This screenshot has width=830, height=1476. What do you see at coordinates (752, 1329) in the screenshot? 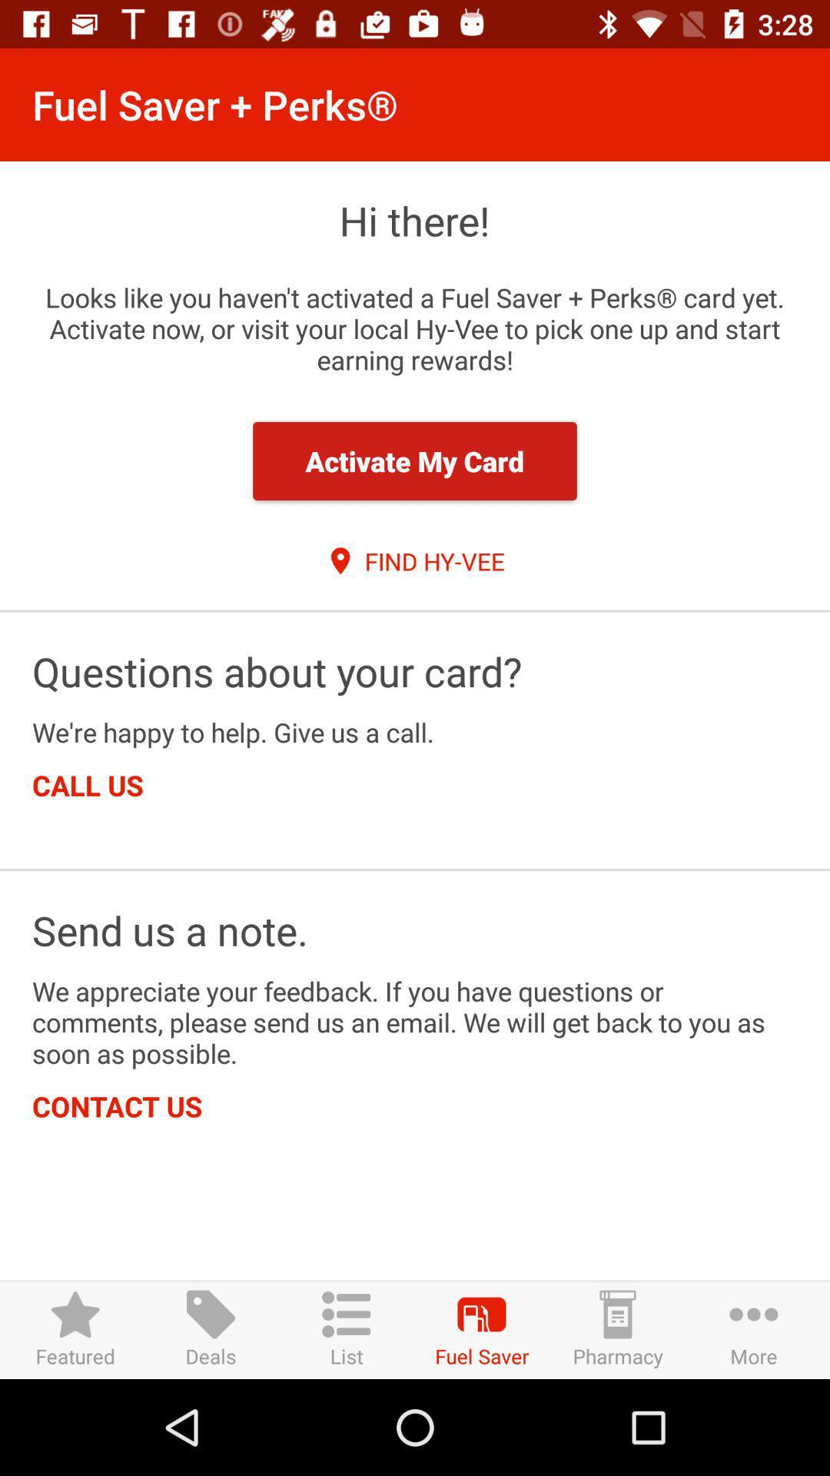
I see `item to the right of the pharmacy item` at bounding box center [752, 1329].